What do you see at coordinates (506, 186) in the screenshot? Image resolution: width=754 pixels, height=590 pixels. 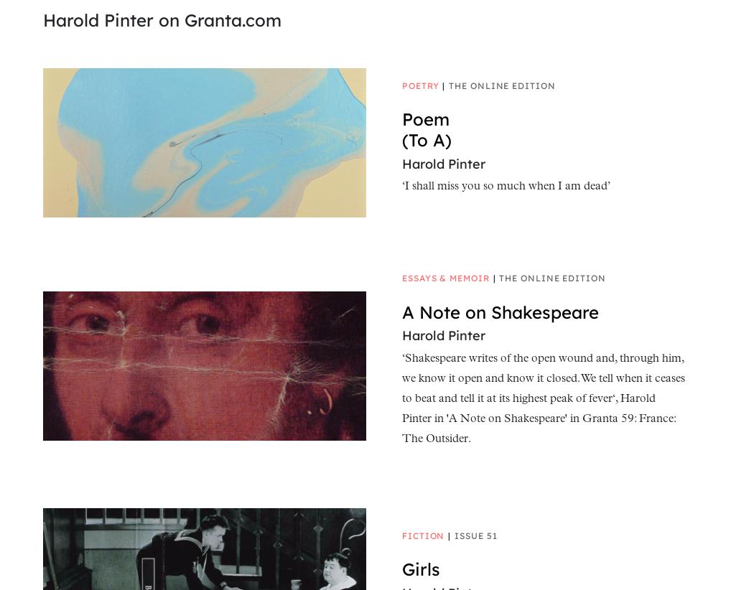 I see `'‘I shall miss you so much when I am dead’'` at bounding box center [506, 186].